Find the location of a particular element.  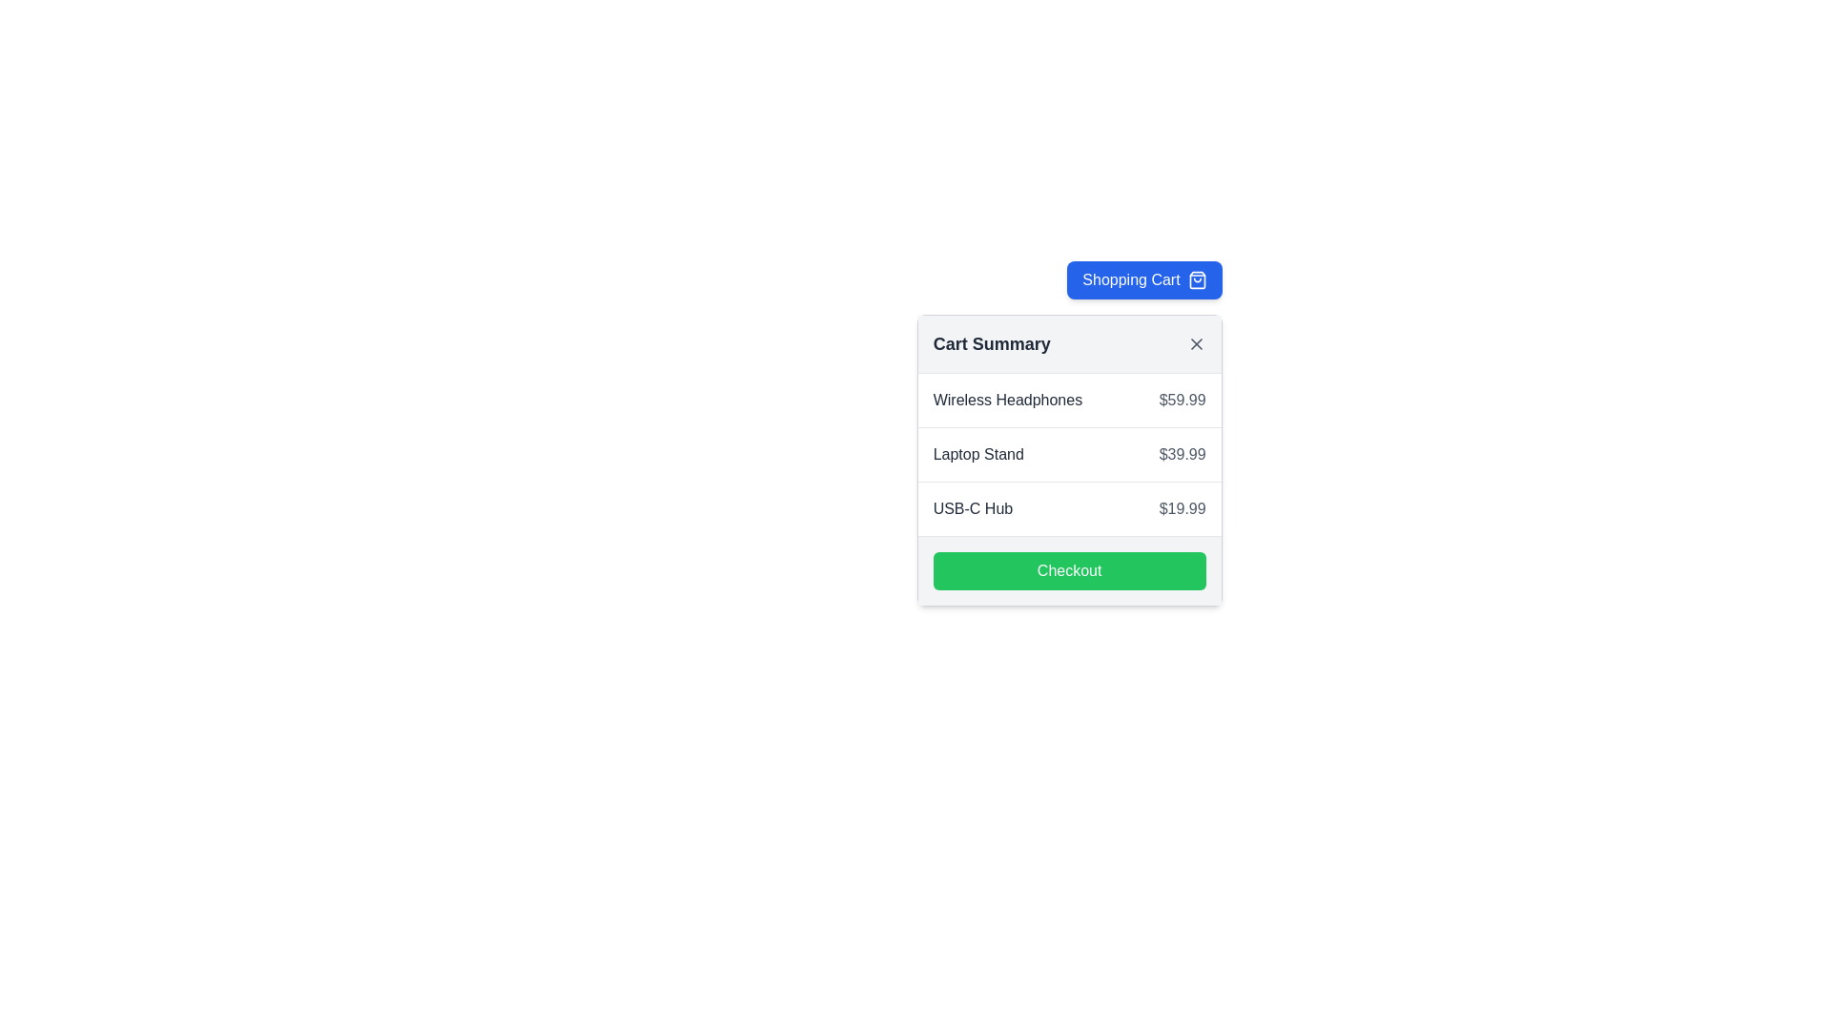

the checkout button located at the bottom of the cart summary to proceed to payment or confirmation is located at coordinates (1069, 569).